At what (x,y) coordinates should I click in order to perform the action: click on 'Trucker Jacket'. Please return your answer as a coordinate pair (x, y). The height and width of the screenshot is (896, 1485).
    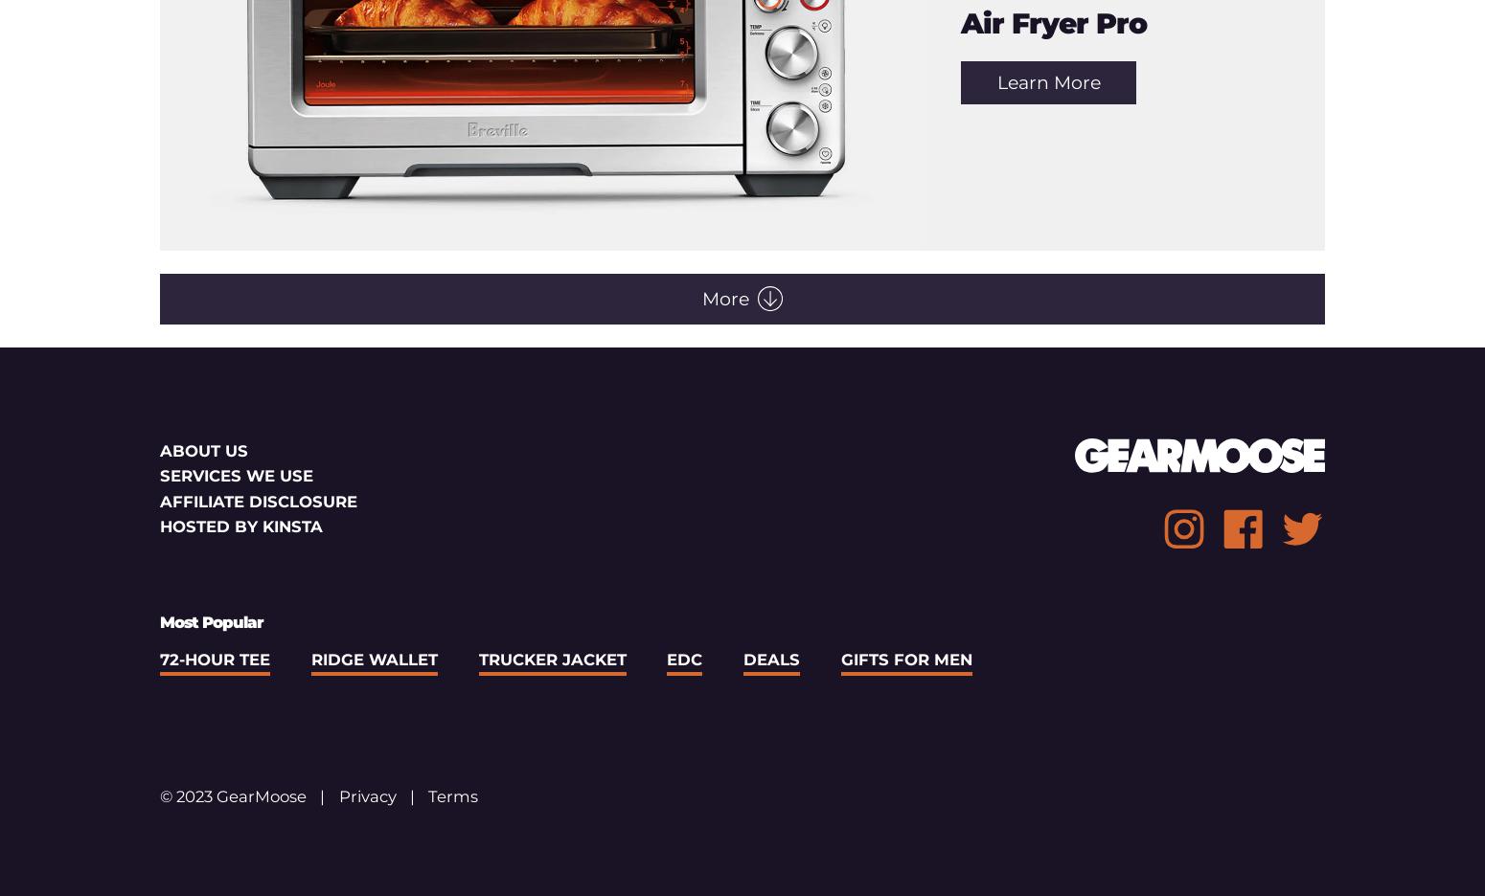
    Looking at the image, I should click on (551, 658).